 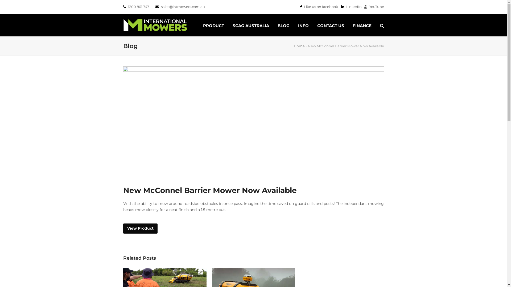 I want to click on 'LinkedIn', so click(x=351, y=6).